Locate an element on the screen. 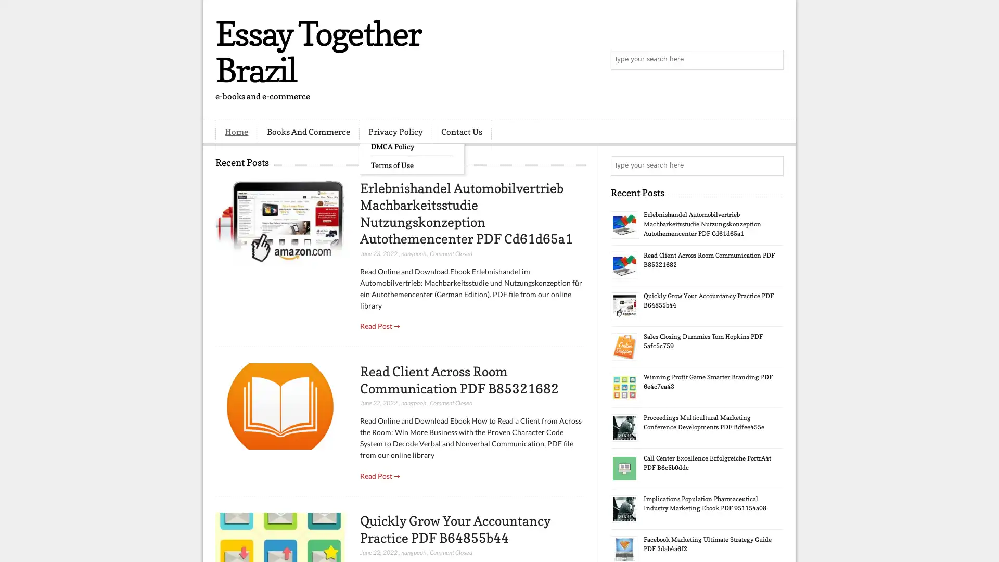  Search is located at coordinates (773, 165).